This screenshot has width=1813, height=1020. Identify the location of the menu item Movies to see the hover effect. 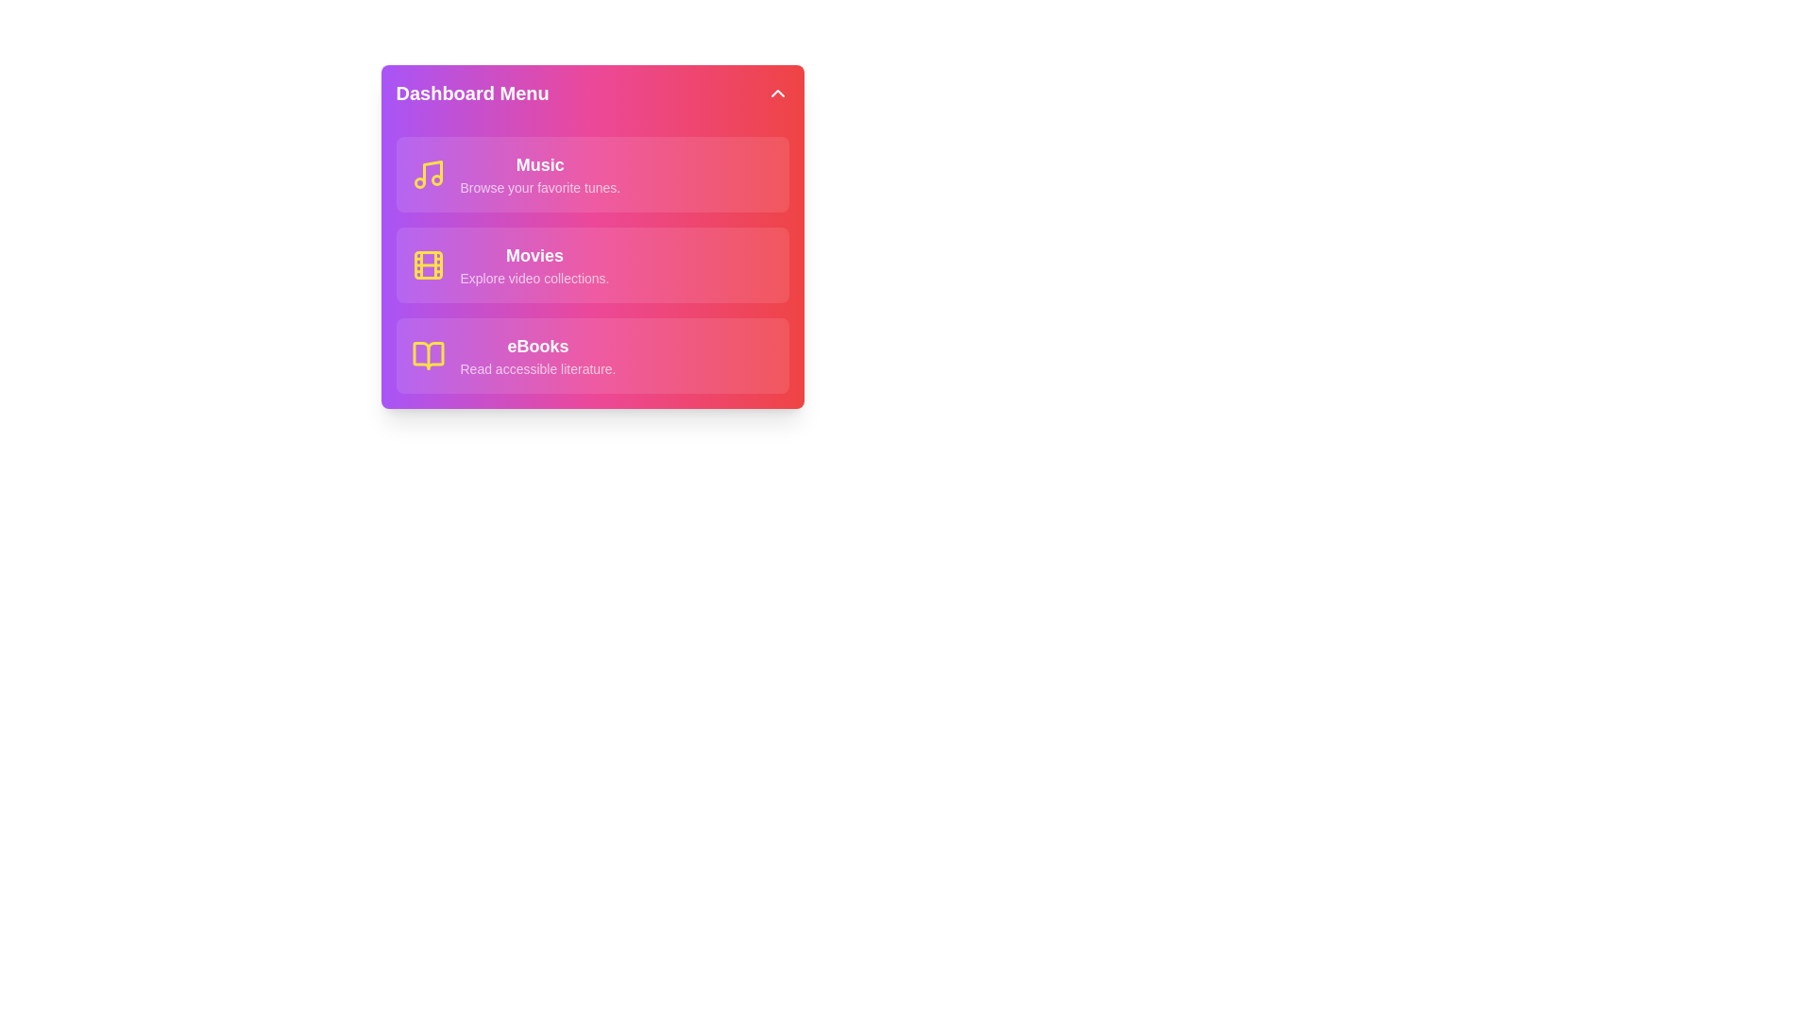
(591, 265).